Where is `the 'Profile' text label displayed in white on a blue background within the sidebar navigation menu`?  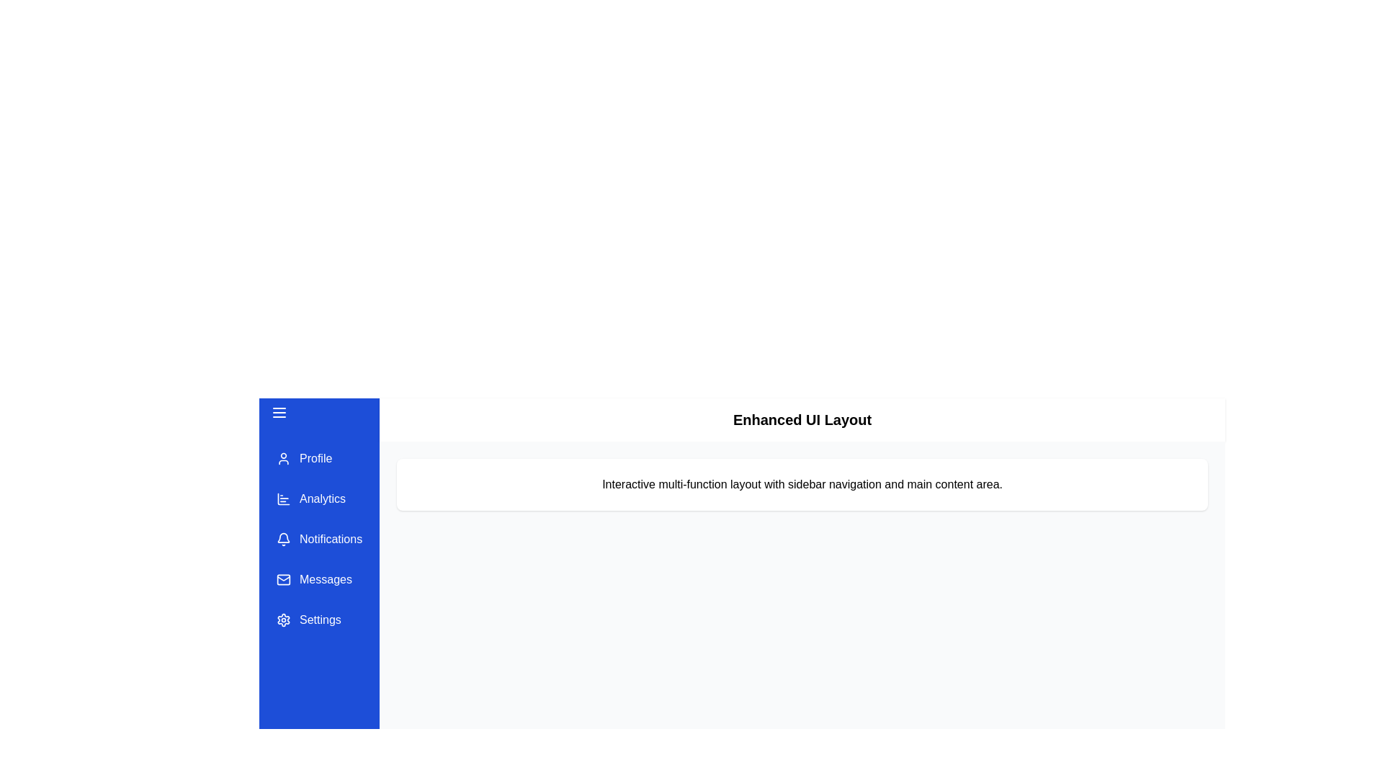
the 'Profile' text label displayed in white on a blue background within the sidebar navigation menu is located at coordinates (315, 458).